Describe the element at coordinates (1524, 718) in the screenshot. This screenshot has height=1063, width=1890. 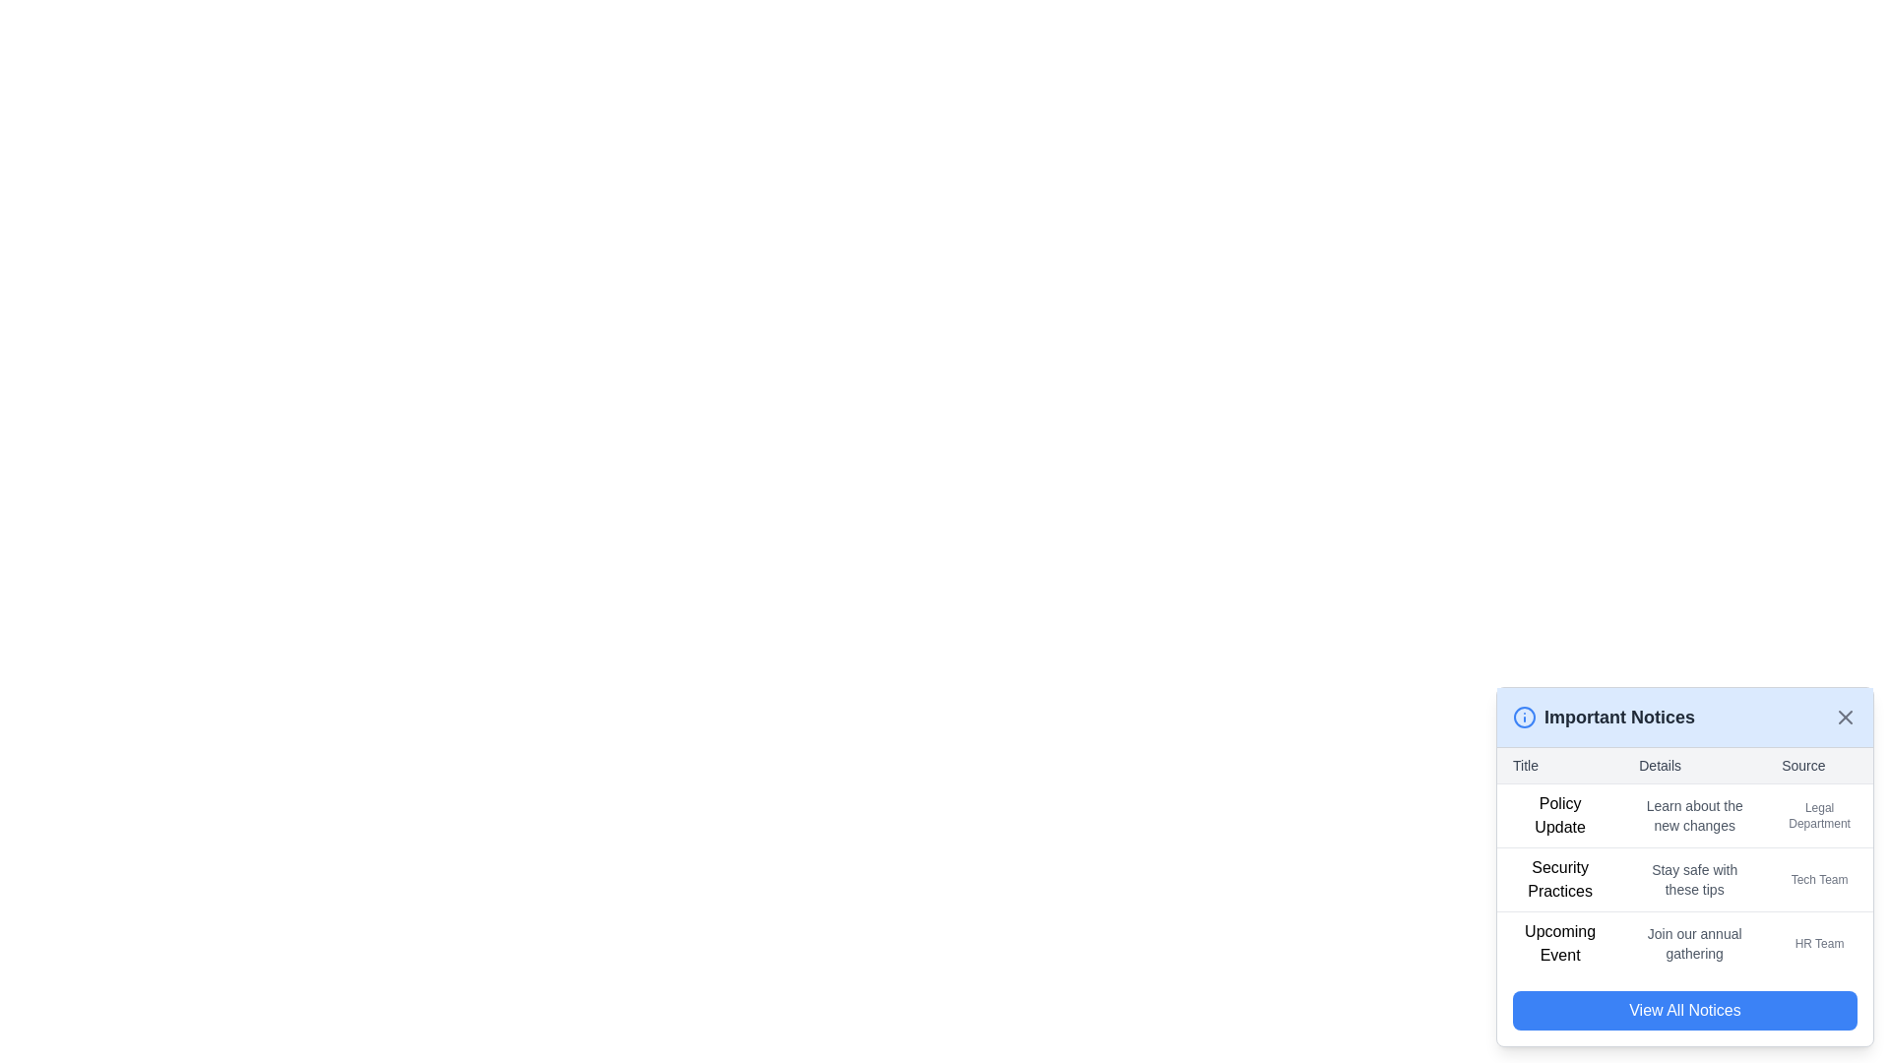
I see `the information icon located at the leftmost position in the header of the 'Important Notices' section, characterized by its blue circular outline and minimalistic design` at that location.